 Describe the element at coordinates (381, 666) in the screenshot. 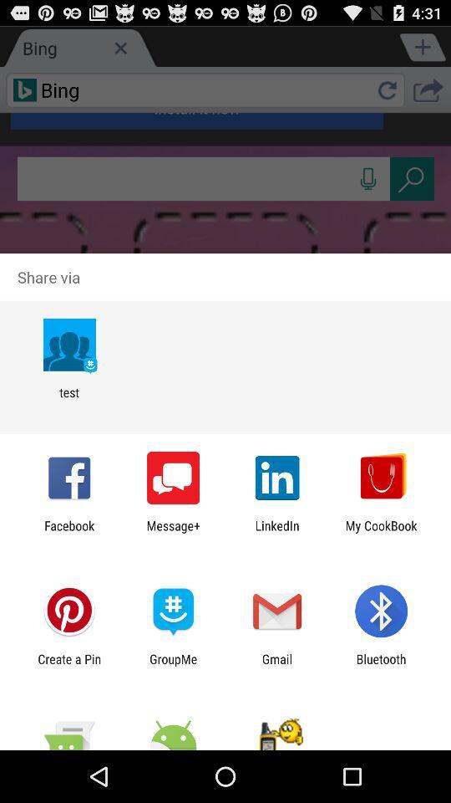

I see `the item next to gmail item` at that location.